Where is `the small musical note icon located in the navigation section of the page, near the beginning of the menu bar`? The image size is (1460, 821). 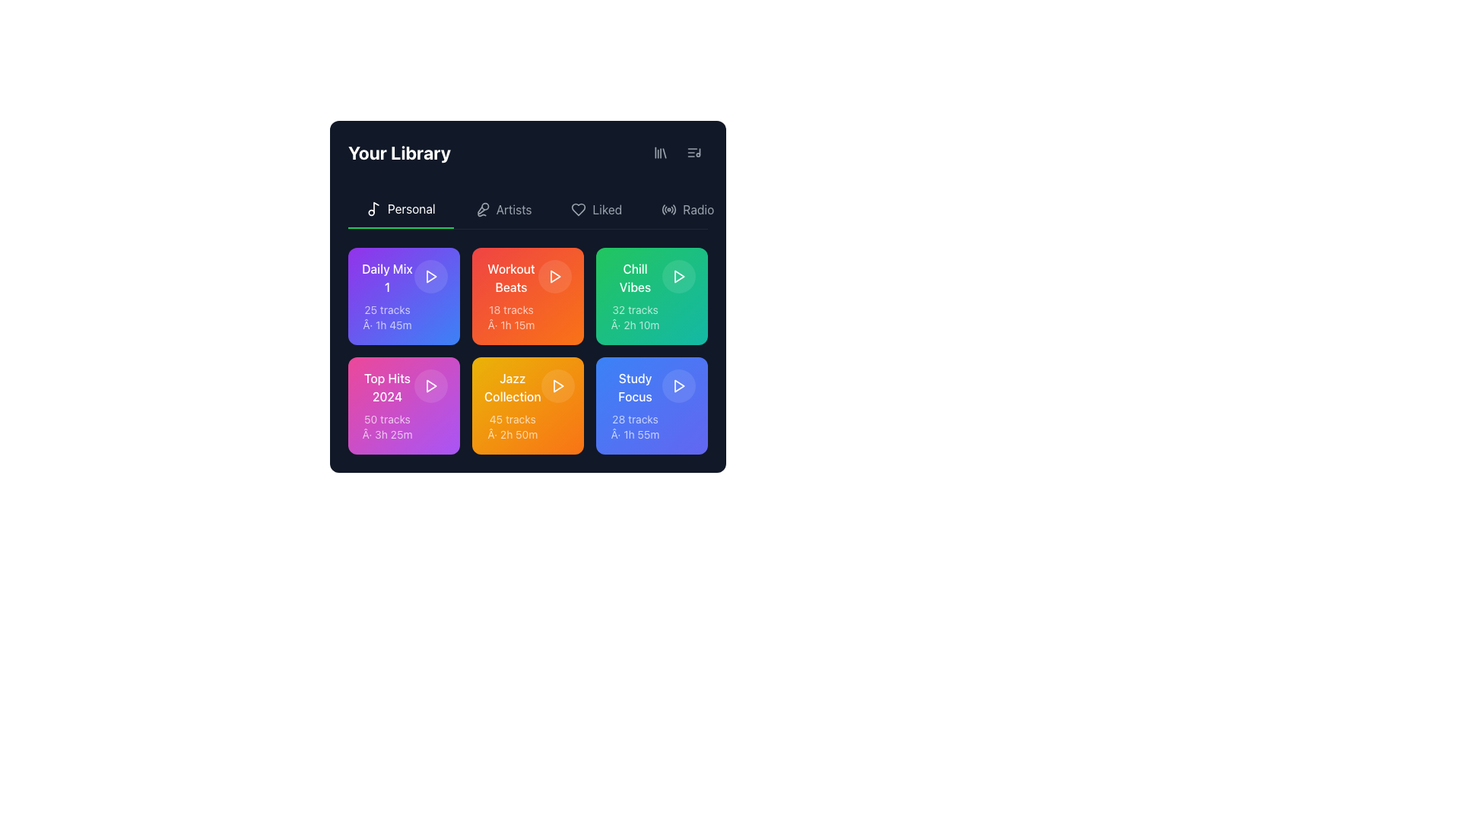 the small musical note icon located in the navigation section of the page, near the beginning of the menu bar is located at coordinates (376, 208).